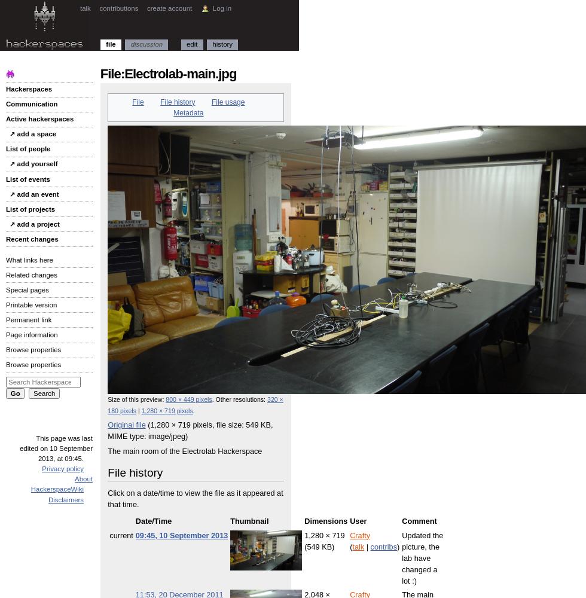 The image size is (586, 598). I want to click on 'File:Electrolab-main.jpg', so click(99, 72).